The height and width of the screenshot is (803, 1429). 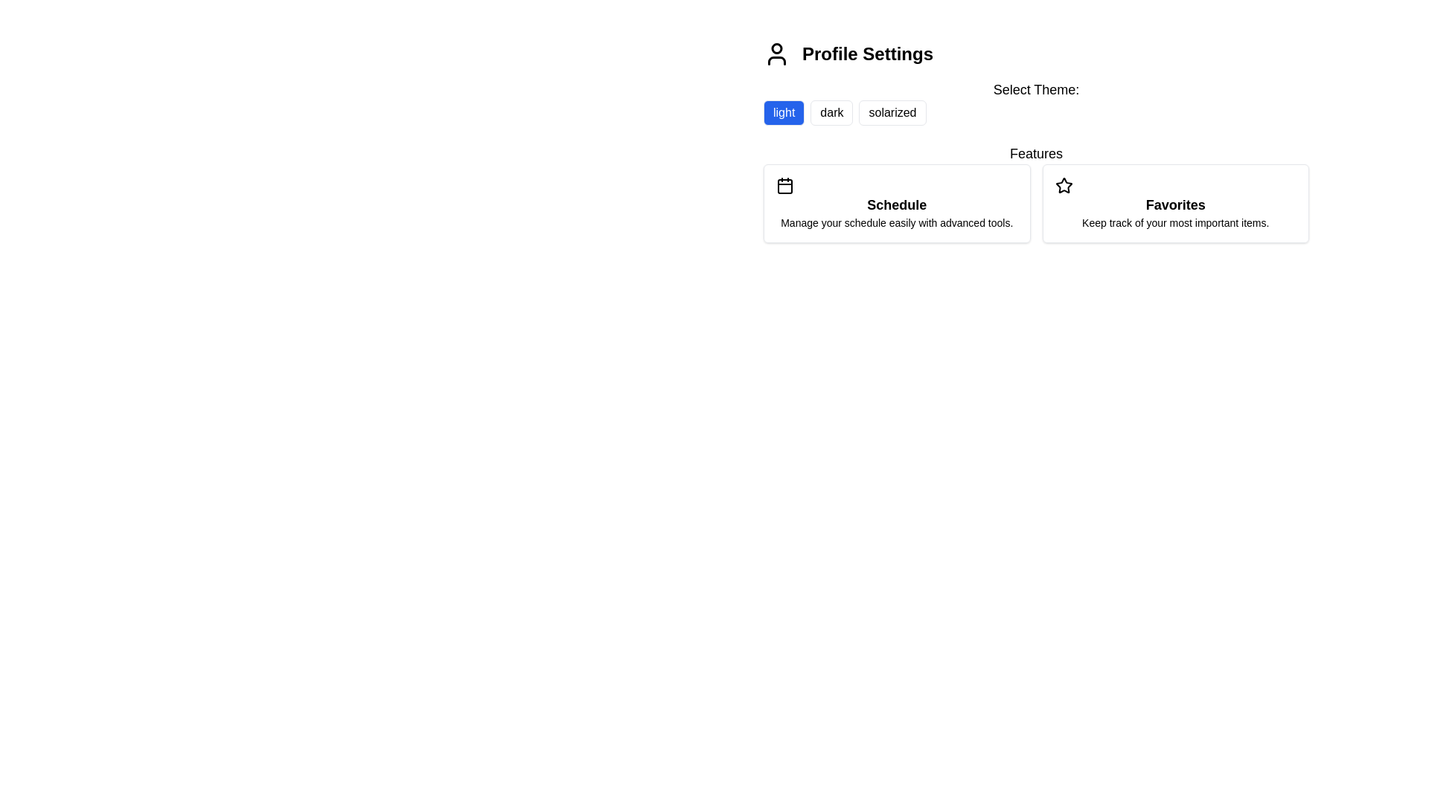 What do you see at coordinates (784, 185) in the screenshot?
I see `the calendar icon situated within a bordered box under the title 'Schedule'` at bounding box center [784, 185].